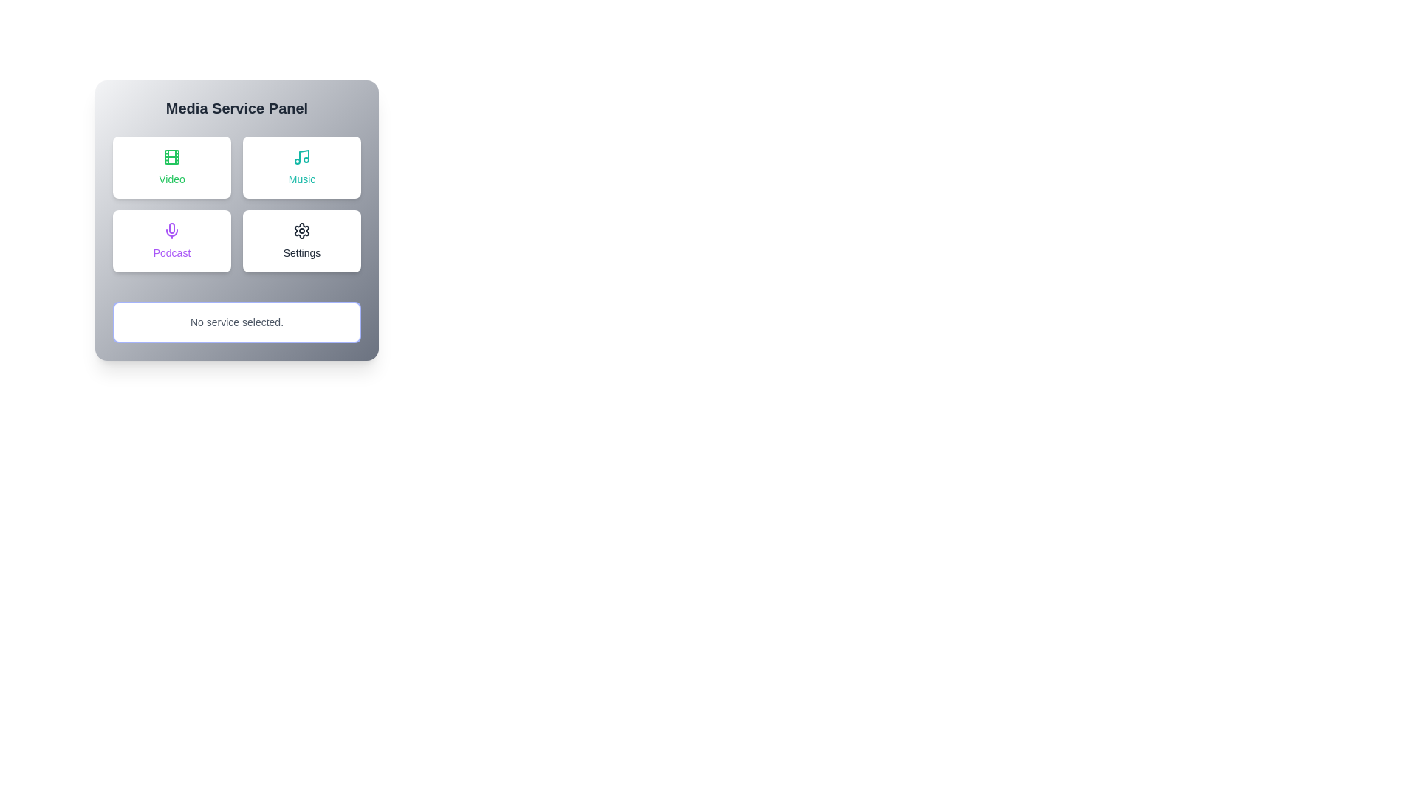  I want to click on the circular gear icon associated with settings in the 'Media Service Panel', so click(301, 230).